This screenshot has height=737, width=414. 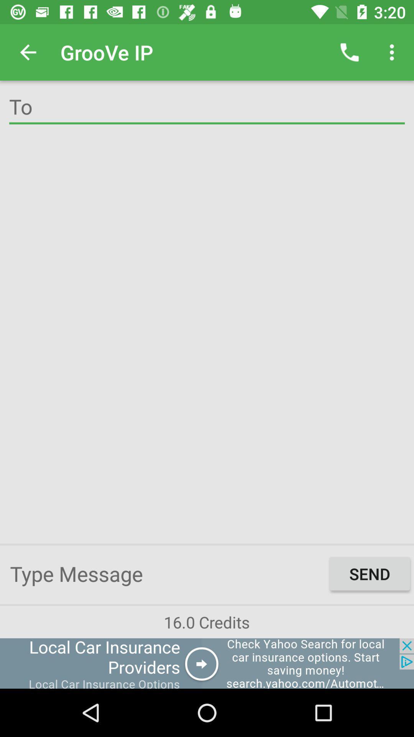 What do you see at coordinates (207, 663) in the screenshot?
I see `car insurance on yahoo advertisement` at bounding box center [207, 663].